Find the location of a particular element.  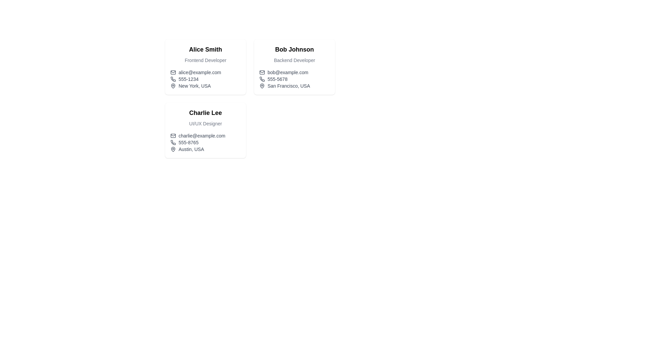

the phone number '555-5678' displayed in black text on the 'Bob Johnson' card, located to the right of the phone icon is located at coordinates (277, 79).